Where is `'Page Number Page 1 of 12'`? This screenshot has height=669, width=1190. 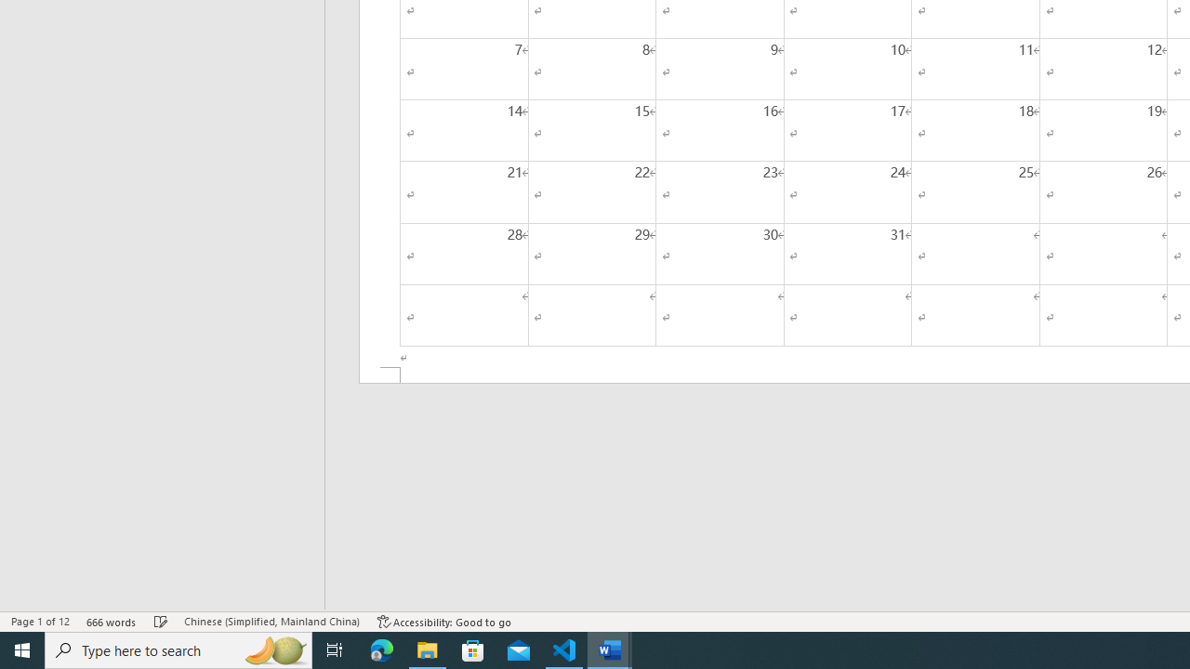 'Page Number Page 1 of 12' is located at coordinates (40, 622).